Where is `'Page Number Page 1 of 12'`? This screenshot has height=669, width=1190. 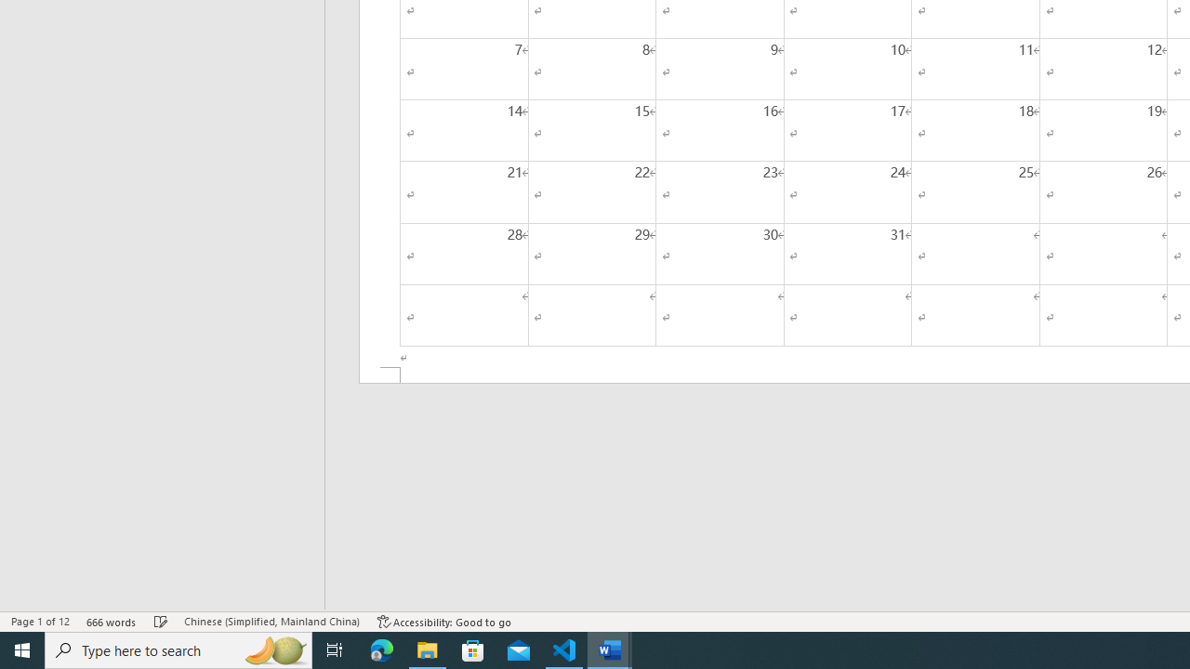 'Page Number Page 1 of 12' is located at coordinates (40, 622).